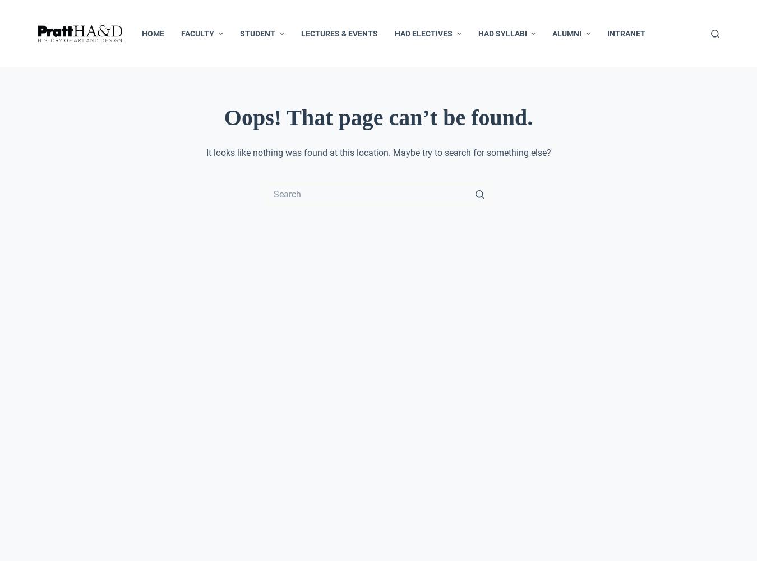  What do you see at coordinates (598, 102) in the screenshot?
I see `'Life After Pratt- Seth Persons'` at bounding box center [598, 102].